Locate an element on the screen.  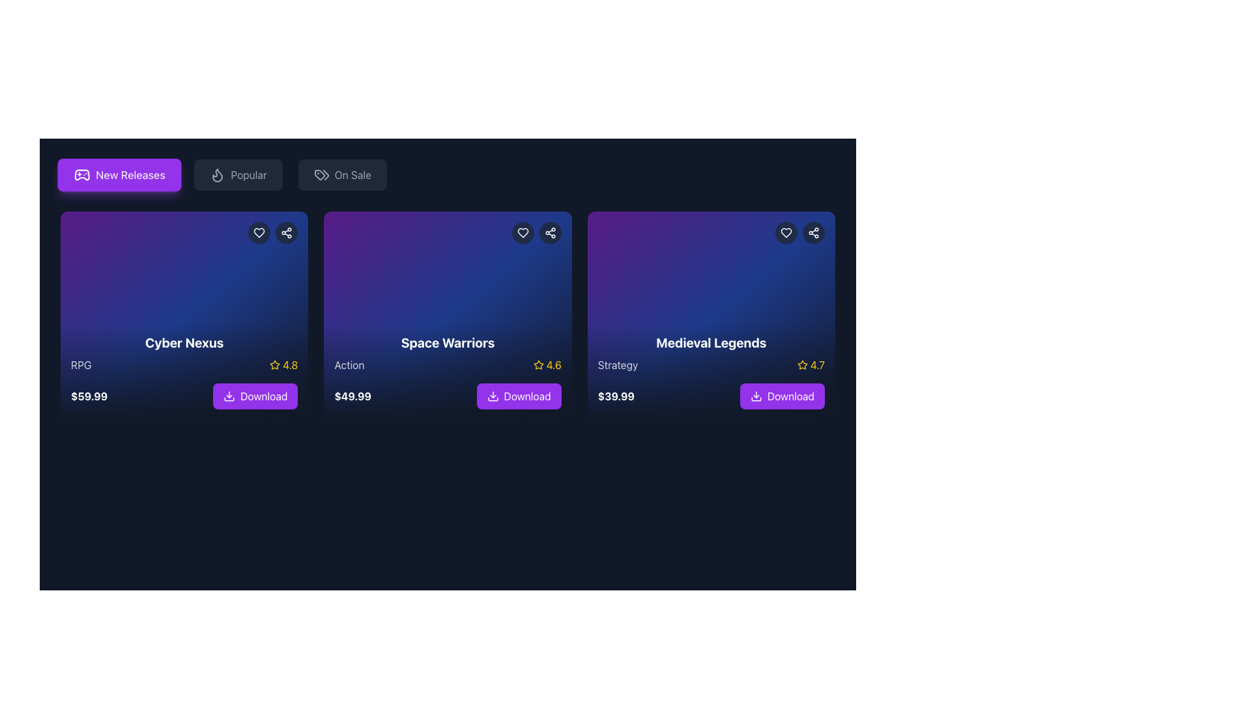
the text label displaying the price of the game 'Space Warriors' which is located above the purple 'Download' button in the card layout is located at coordinates (352, 396).